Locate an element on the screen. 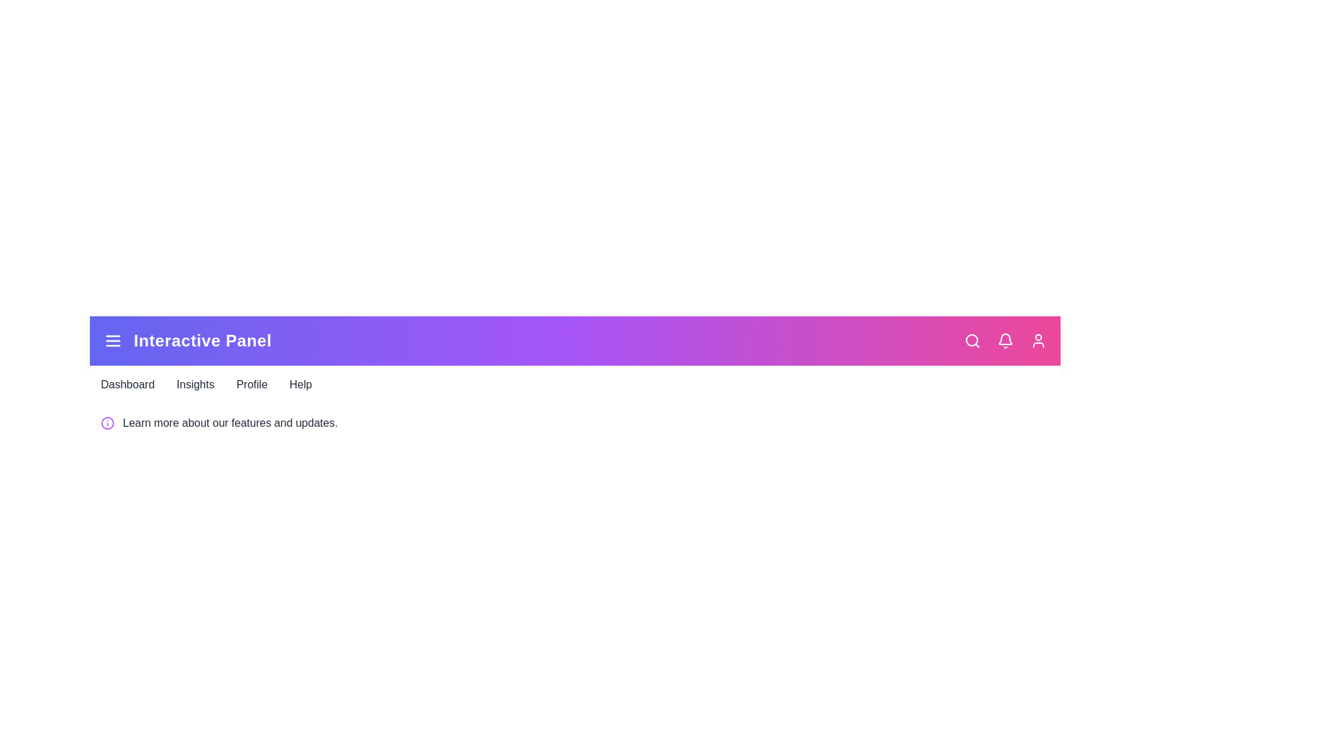 The width and height of the screenshot is (1318, 741). the app bar title to trigger its associated action is located at coordinates (201, 340).